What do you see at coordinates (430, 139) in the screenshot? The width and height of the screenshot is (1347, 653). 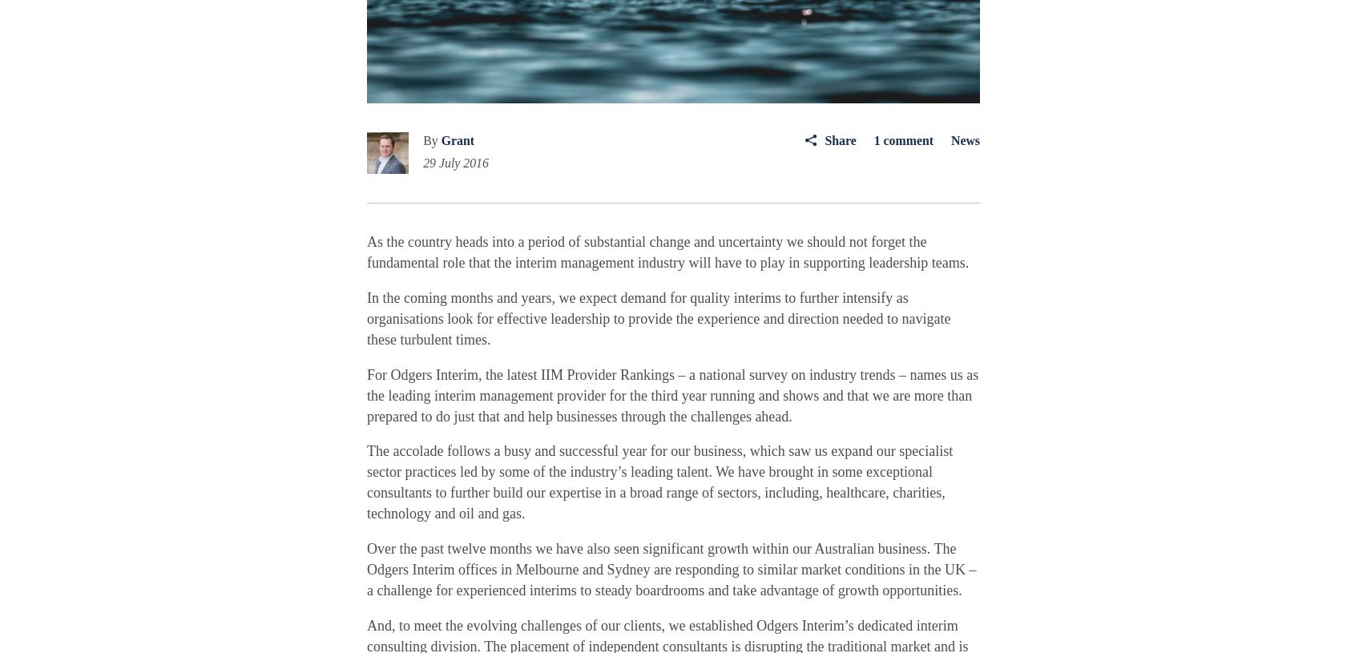 I see `'By'` at bounding box center [430, 139].